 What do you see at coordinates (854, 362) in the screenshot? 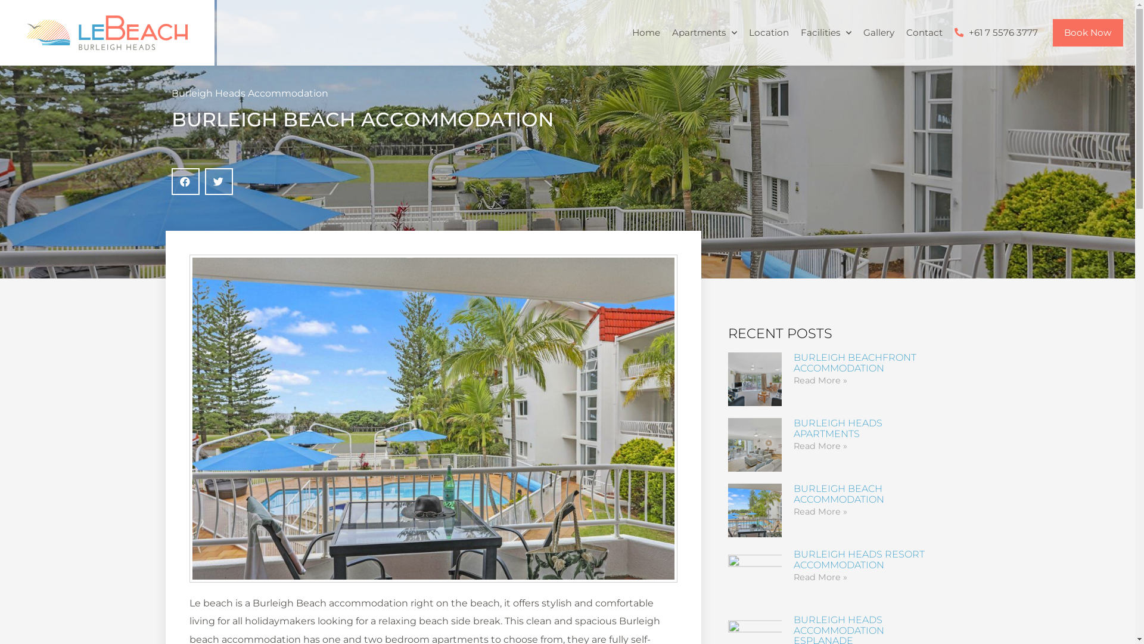
I see `'BURLEIGH BEACHFRONT ACCOMMODATION'` at bounding box center [854, 362].